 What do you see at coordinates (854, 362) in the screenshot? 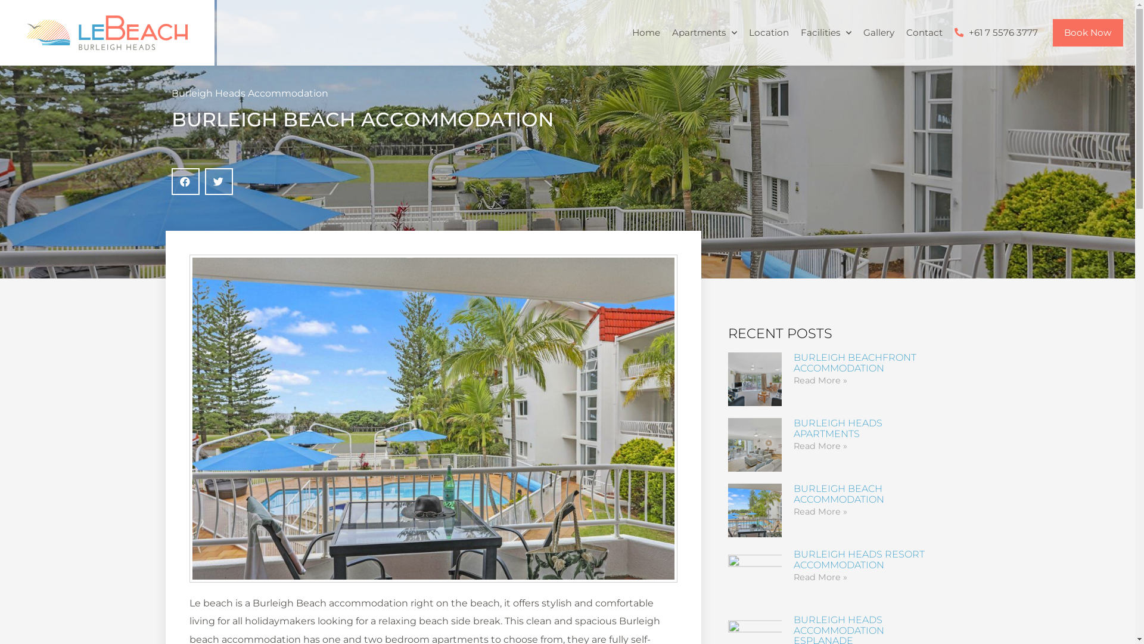
I see `'BURLEIGH BEACHFRONT ACCOMMODATION'` at bounding box center [854, 362].